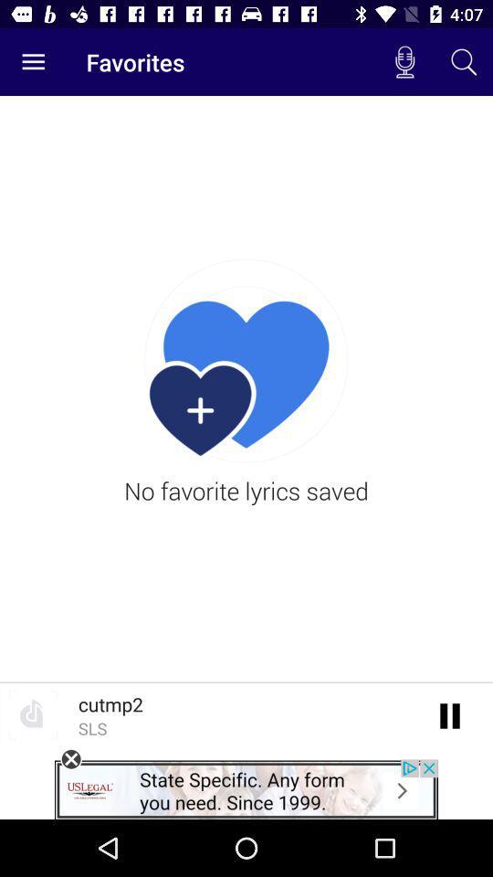 Image resolution: width=493 pixels, height=877 pixels. What do you see at coordinates (70, 759) in the screenshot?
I see `advertisement` at bounding box center [70, 759].